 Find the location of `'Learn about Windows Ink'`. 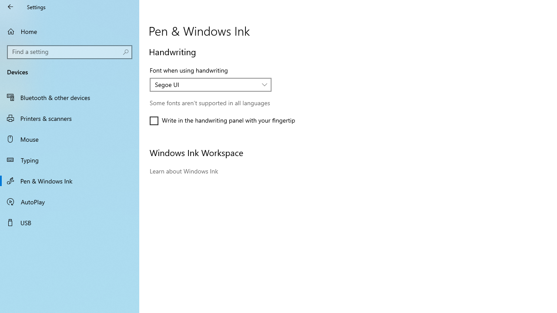

'Learn about Windows Ink' is located at coordinates (184, 171).